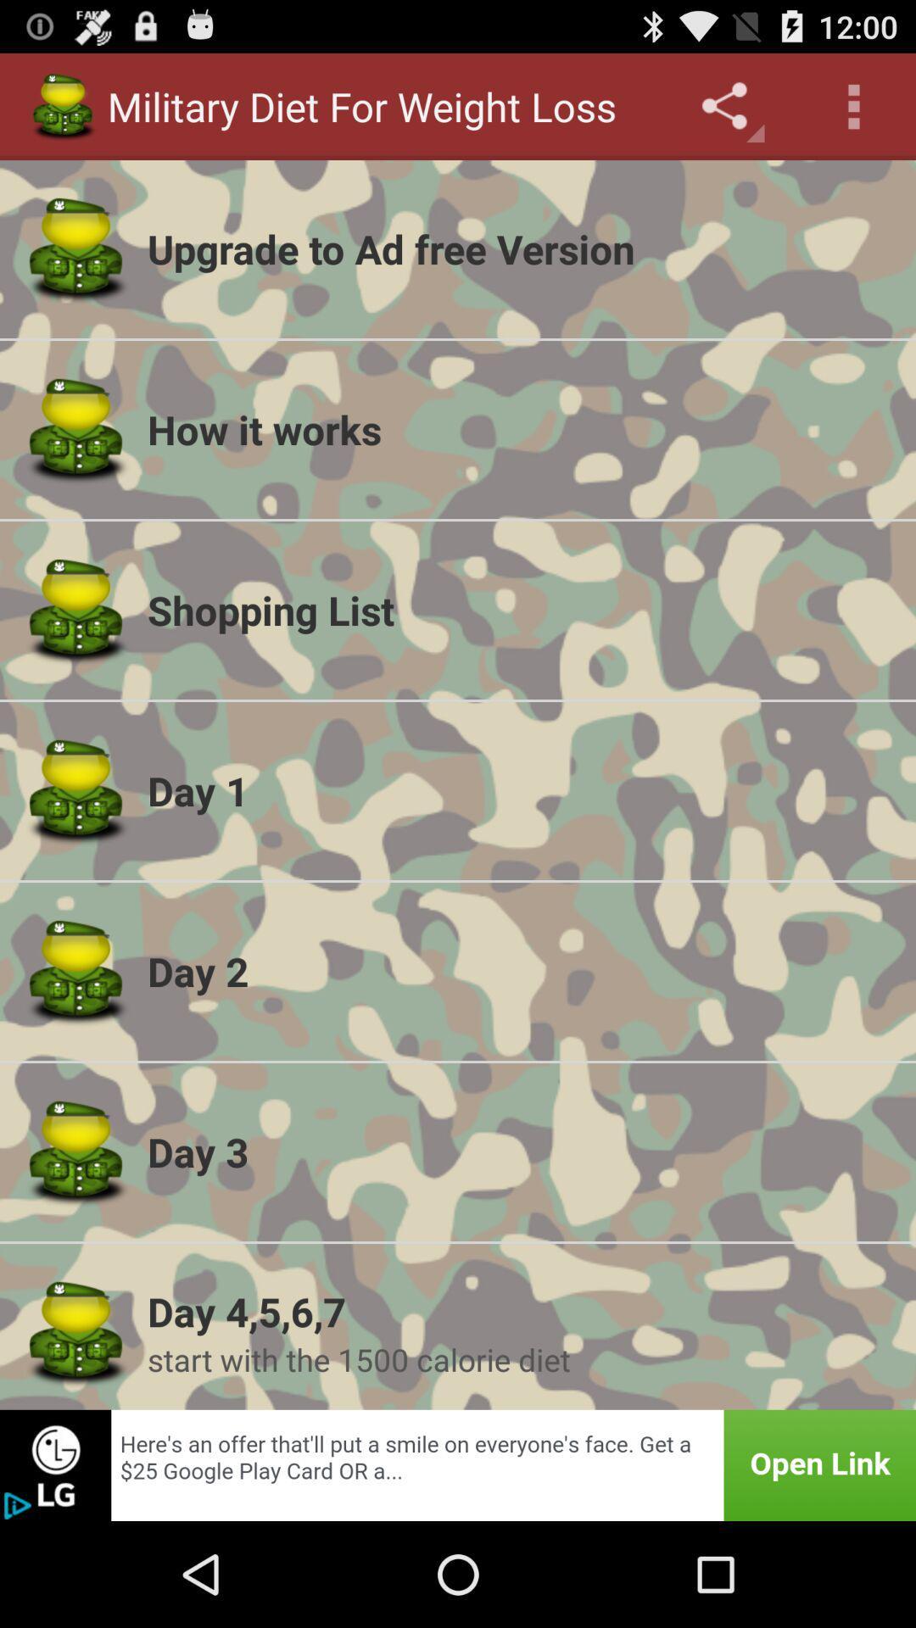  Describe the element at coordinates (520, 1151) in the screenshot. I see `day 3 icon` at that location.